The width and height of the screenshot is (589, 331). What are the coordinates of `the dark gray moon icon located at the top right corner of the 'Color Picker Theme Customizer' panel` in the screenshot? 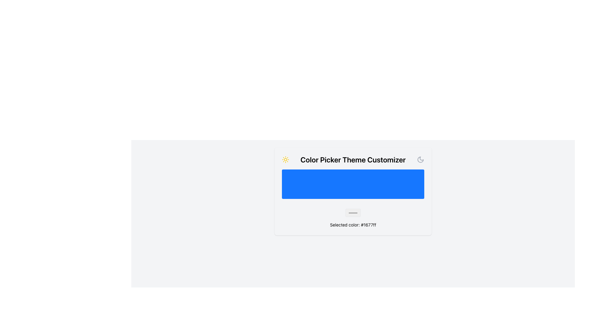 It's located at (420, 159).